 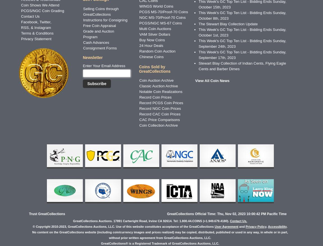 I want to click on 'Privacy Policy', so click(x=256, y=226).